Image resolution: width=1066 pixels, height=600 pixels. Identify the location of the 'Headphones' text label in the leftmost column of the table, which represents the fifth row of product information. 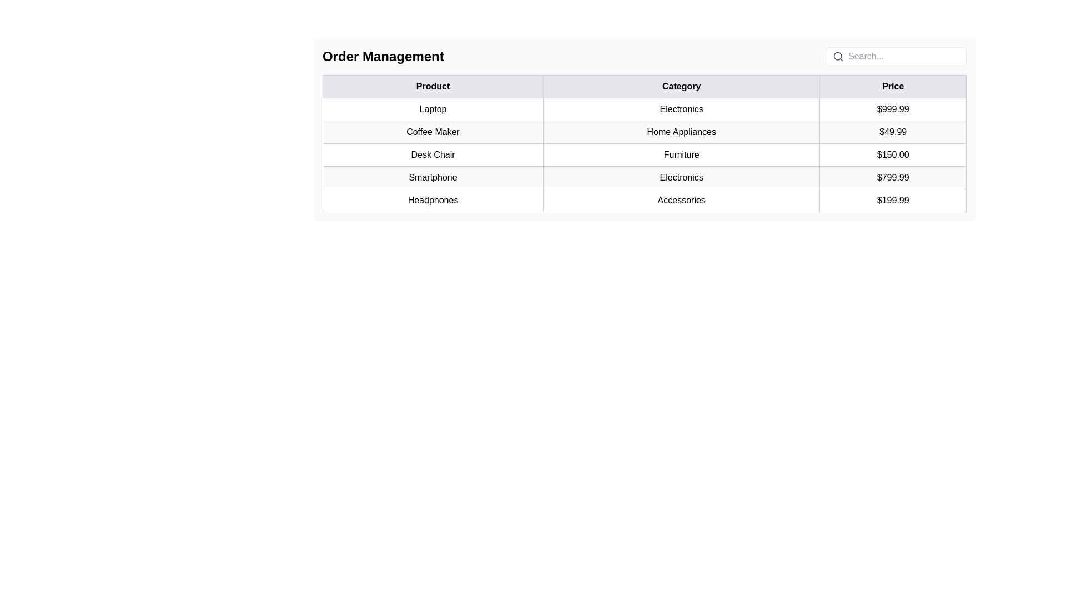
(433, 201).